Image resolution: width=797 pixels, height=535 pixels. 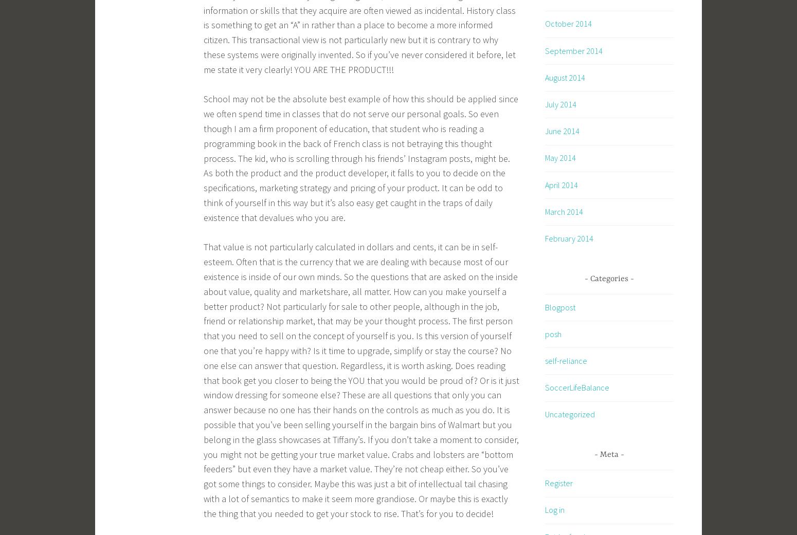 I want to click on 'That value is not particularly calculated in dollars and cents, it can be in self-esteem.  Often that is the currency that we are dealing with because most of our existence is inside of our own minds.  So the questions that are asked on the inside about value, quality and marketshare, all matter.  How can you make yourself a better product?  Not particularly for sale to other people, although in the job, friend or relationship market, that may be your thought process.  The first person that you need to sell on the concept of yourself is you.  Is this version of yourself one that you’re happy with?  Is it time to upgrade, simplify or stay the course?  No one else can answer that question.  Regardless, it is worth asking.  Does reading that book get you closer to being the YOU that you would be proud of?  Or is it just window dressing for someone else?  These are all questions that only you can answer because no one has their hands on the controls as much as you do.  It is possible that you’ve been selling yourself in the bargain bins of Walmart but you belong in the glass showcases at Tiffany’s.  If you don’t take a moment to consider, you might not be getting your true market value.  Crabs and lobsters are “bottom feeders” but even they have a market value.  They’re not cheap either.  So you’ve got some things to consider.  Maybe this was just a bit of intellectual tail chasing with a lot of semantics to make it seem more grandiose.  Or maybe this is exactly the thing that you needed to get your stock to rise.  That’s for you to decide!', so click(x=361, y=380).